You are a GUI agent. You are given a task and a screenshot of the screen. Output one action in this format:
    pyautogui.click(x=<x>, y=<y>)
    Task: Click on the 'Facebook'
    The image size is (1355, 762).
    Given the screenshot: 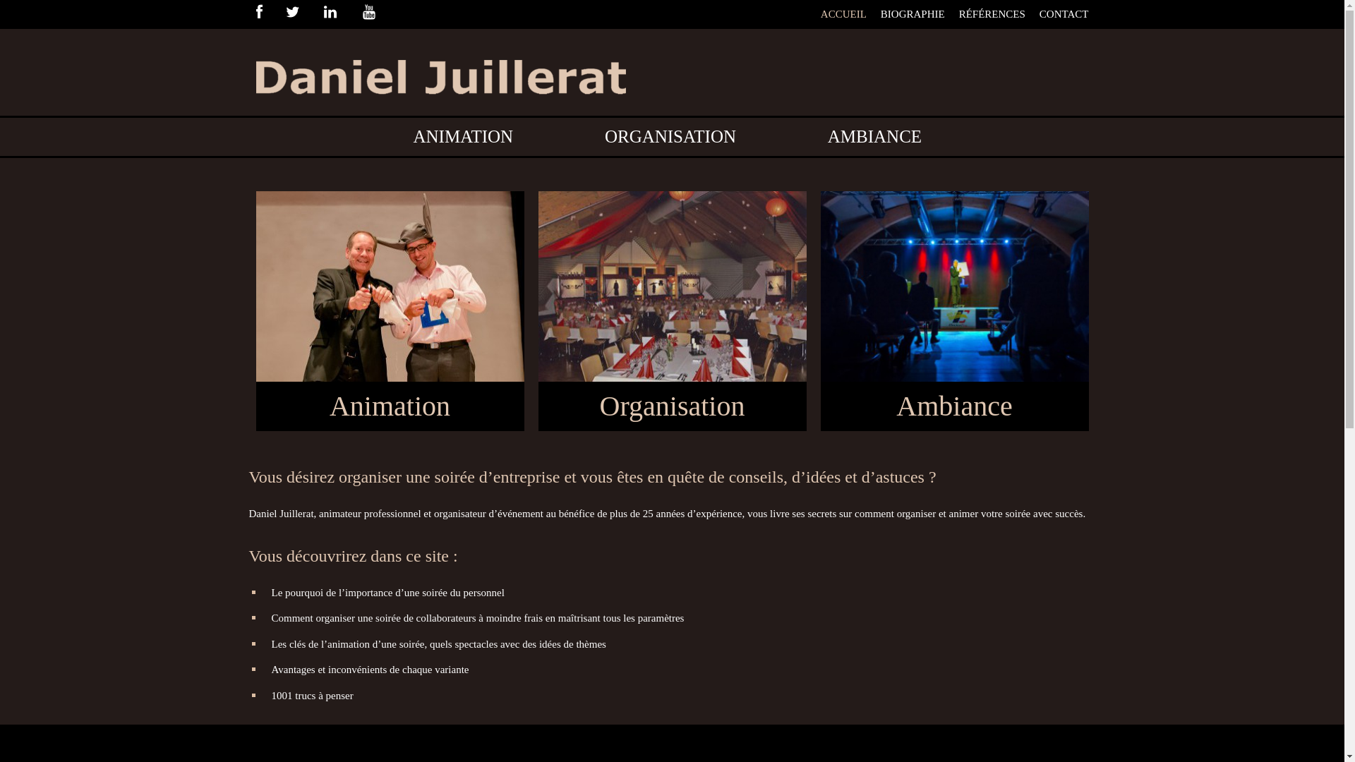 What is the action you would take?
    pyautogui.click(x=269, y=13)
    